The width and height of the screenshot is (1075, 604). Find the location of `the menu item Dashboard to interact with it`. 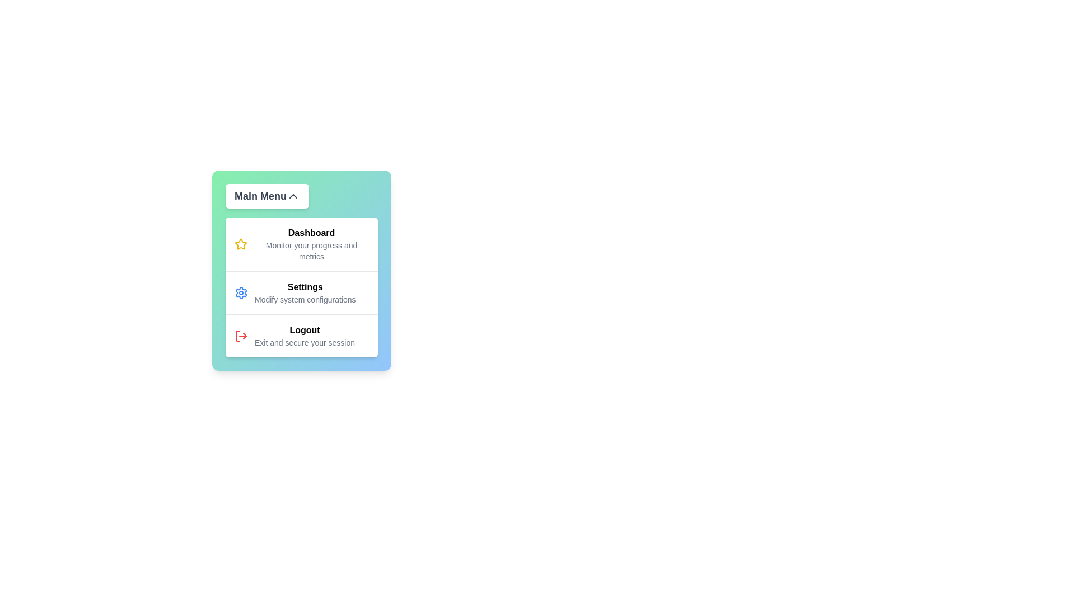

the menu item Dashboard to interact with it is located at coordinates (301, 243).